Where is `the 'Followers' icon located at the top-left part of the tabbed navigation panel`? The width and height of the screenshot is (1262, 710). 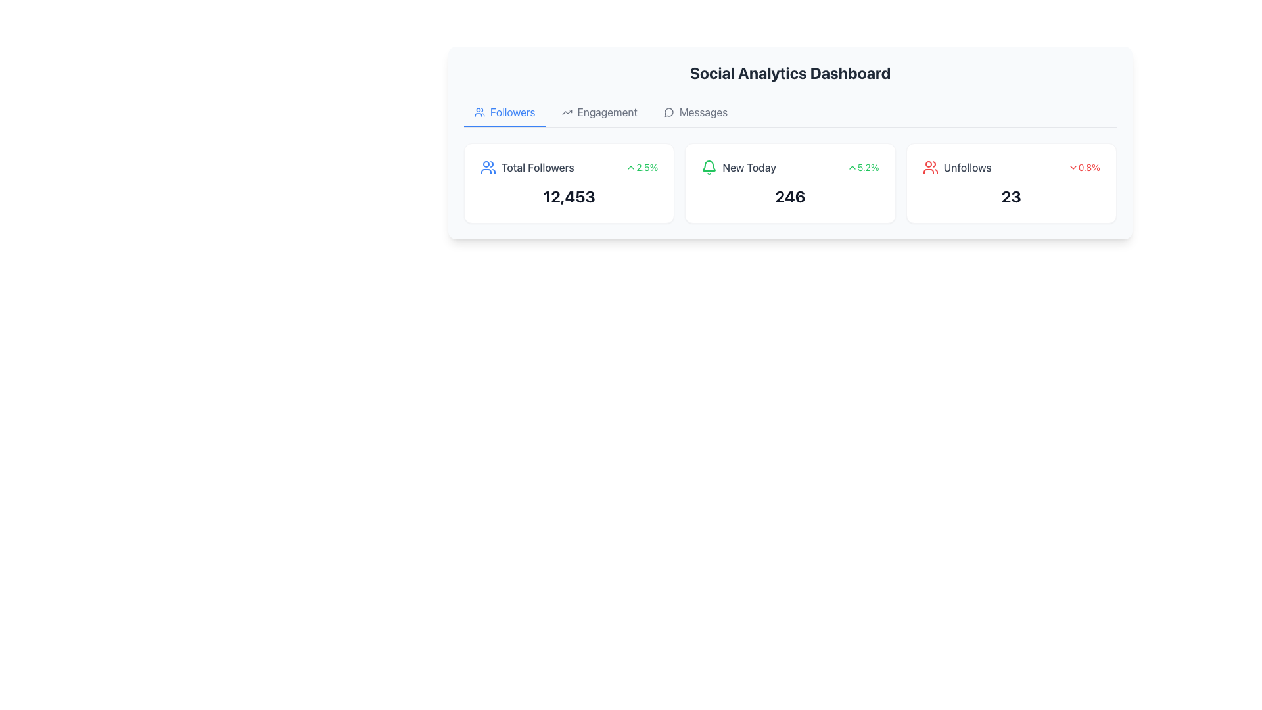
the 'Followers' icon located at the top-left part of the tabbed navigation panel is located at coordinates (479, 111).